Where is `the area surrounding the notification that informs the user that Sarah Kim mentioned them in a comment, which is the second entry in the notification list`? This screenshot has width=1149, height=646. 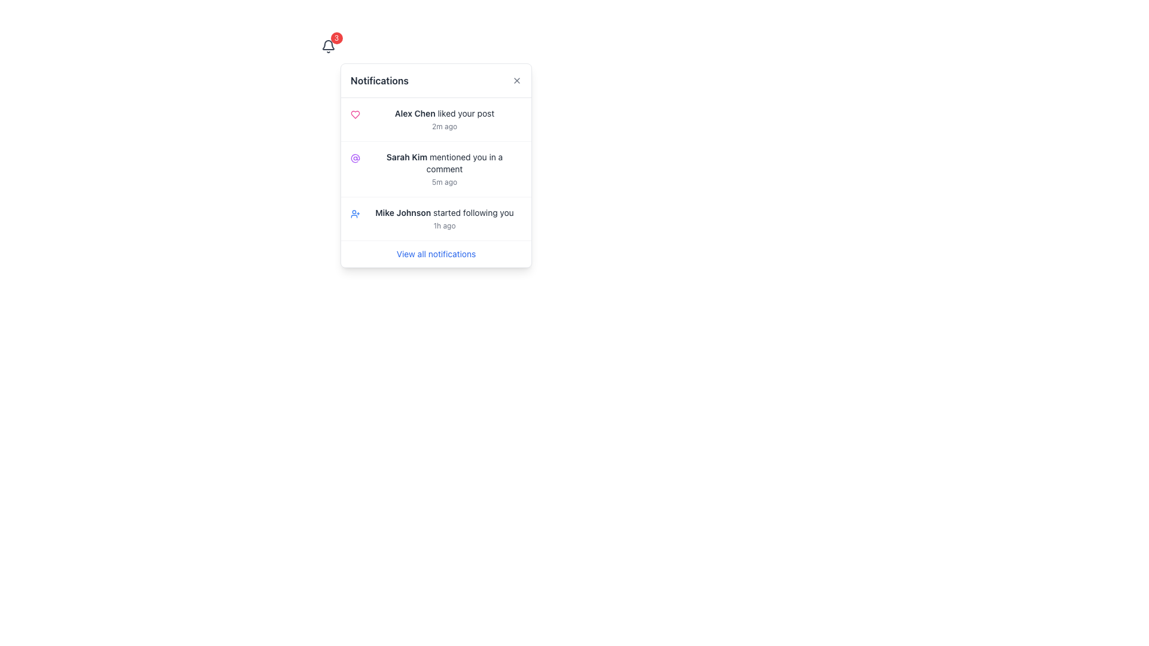 the area surrounding the notification that informs the user that Sarah Kim mentioned them in a comment, which is the second entry in the notification list is located at coordinates (444, 163).